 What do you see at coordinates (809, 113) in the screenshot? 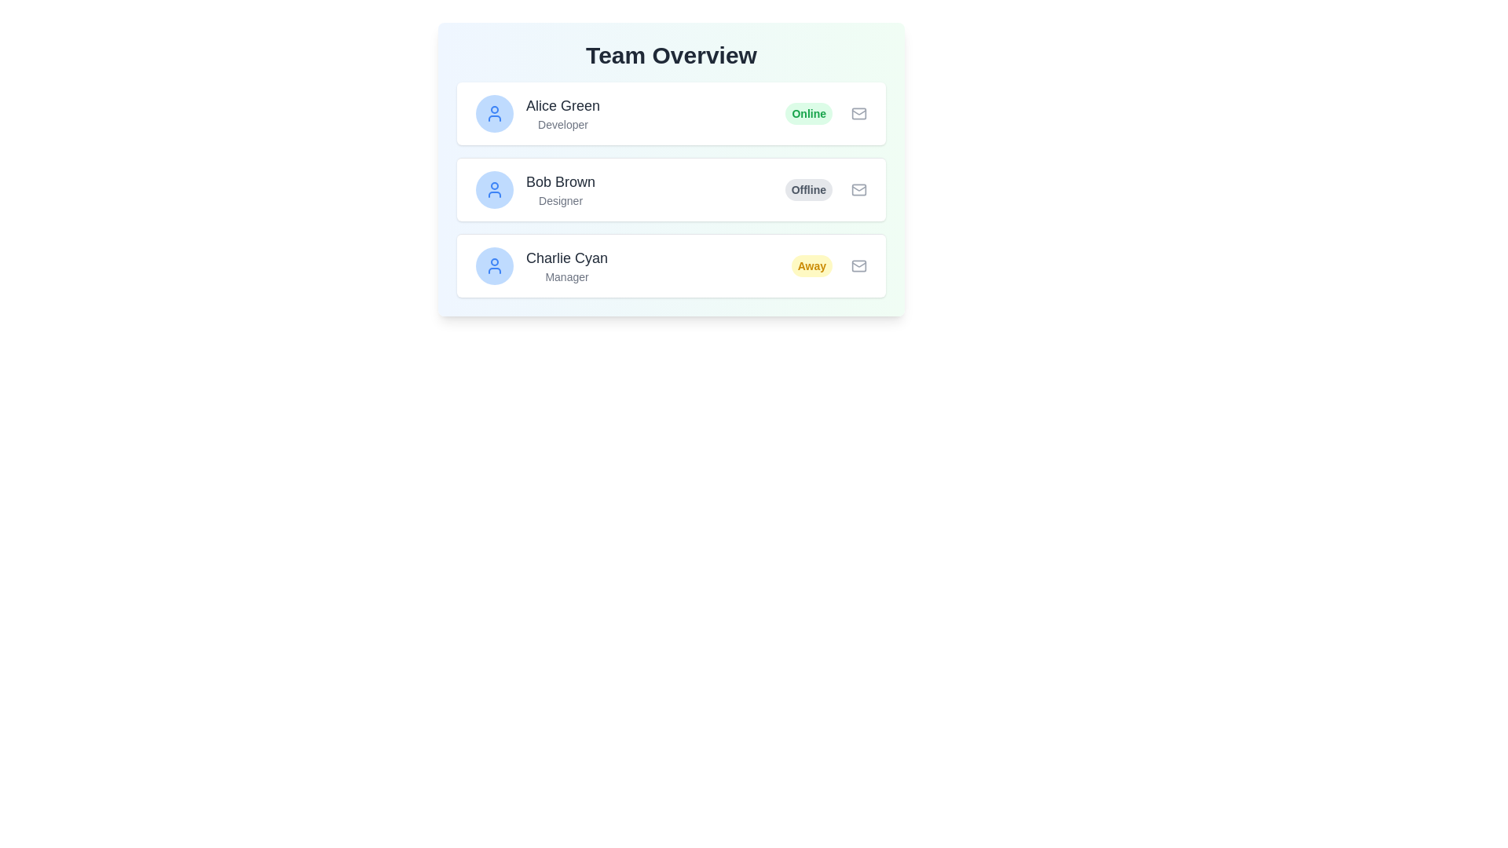
I see `the Status indicator label located to the left of the envelope icon, aligned with the name 'Alice Green' and the role 'Developer' in the vertically stacked list` at bounding box center [809, 113].